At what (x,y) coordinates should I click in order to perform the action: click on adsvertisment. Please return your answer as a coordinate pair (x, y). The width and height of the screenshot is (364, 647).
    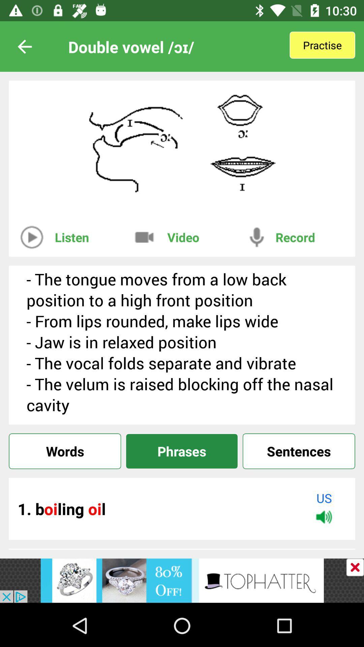
    Looking at the image, I should click on (355, 567).